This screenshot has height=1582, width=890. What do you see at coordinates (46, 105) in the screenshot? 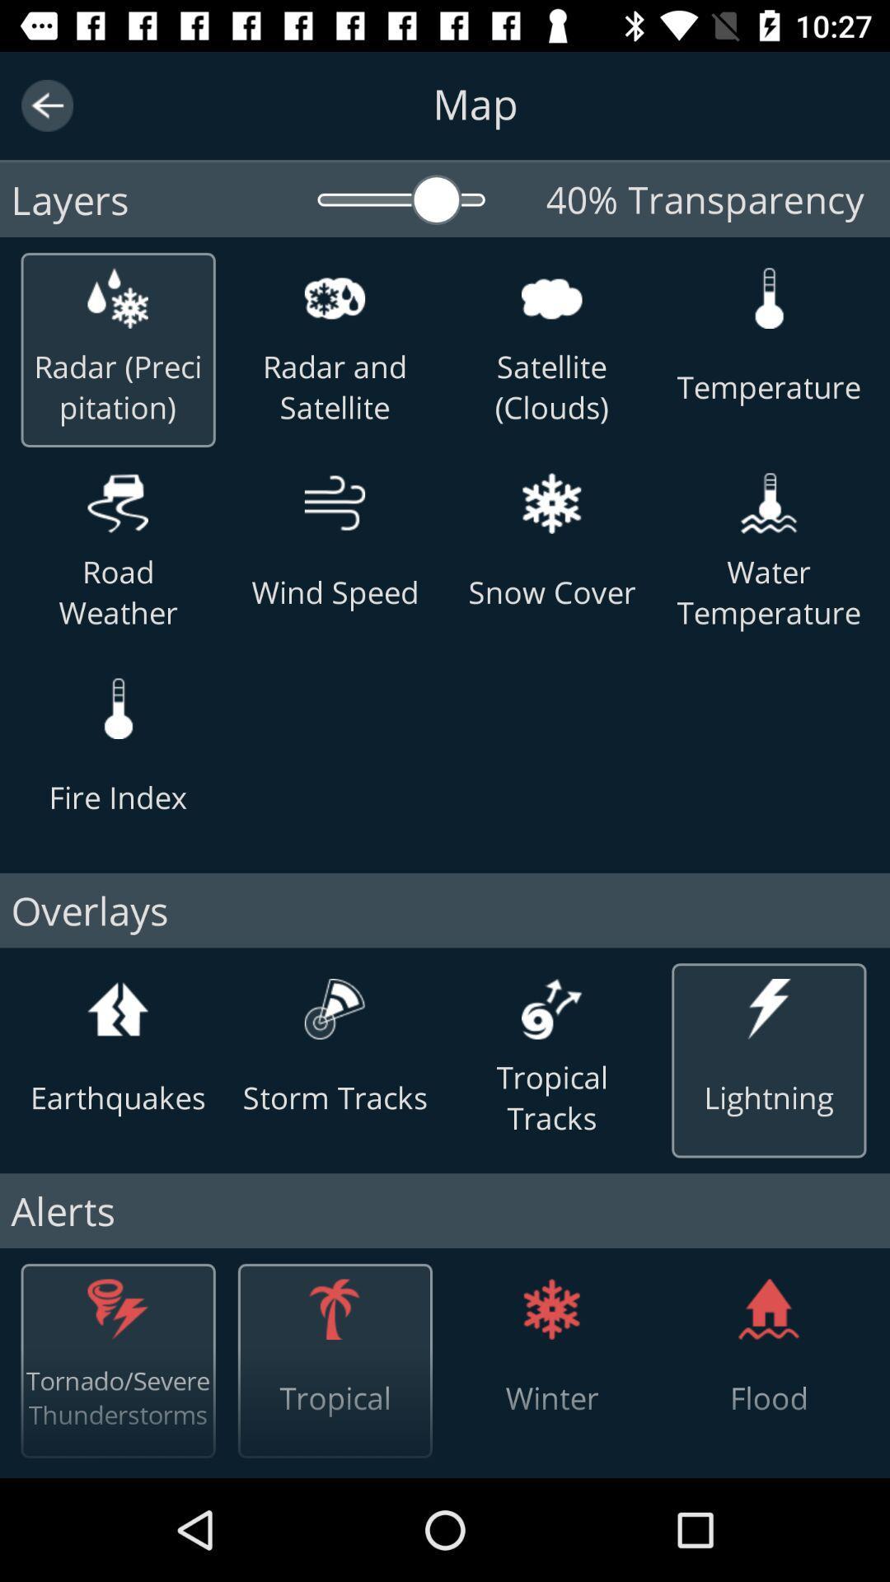
I see `the arrow_backward icon` at bounding box center [46, 105].